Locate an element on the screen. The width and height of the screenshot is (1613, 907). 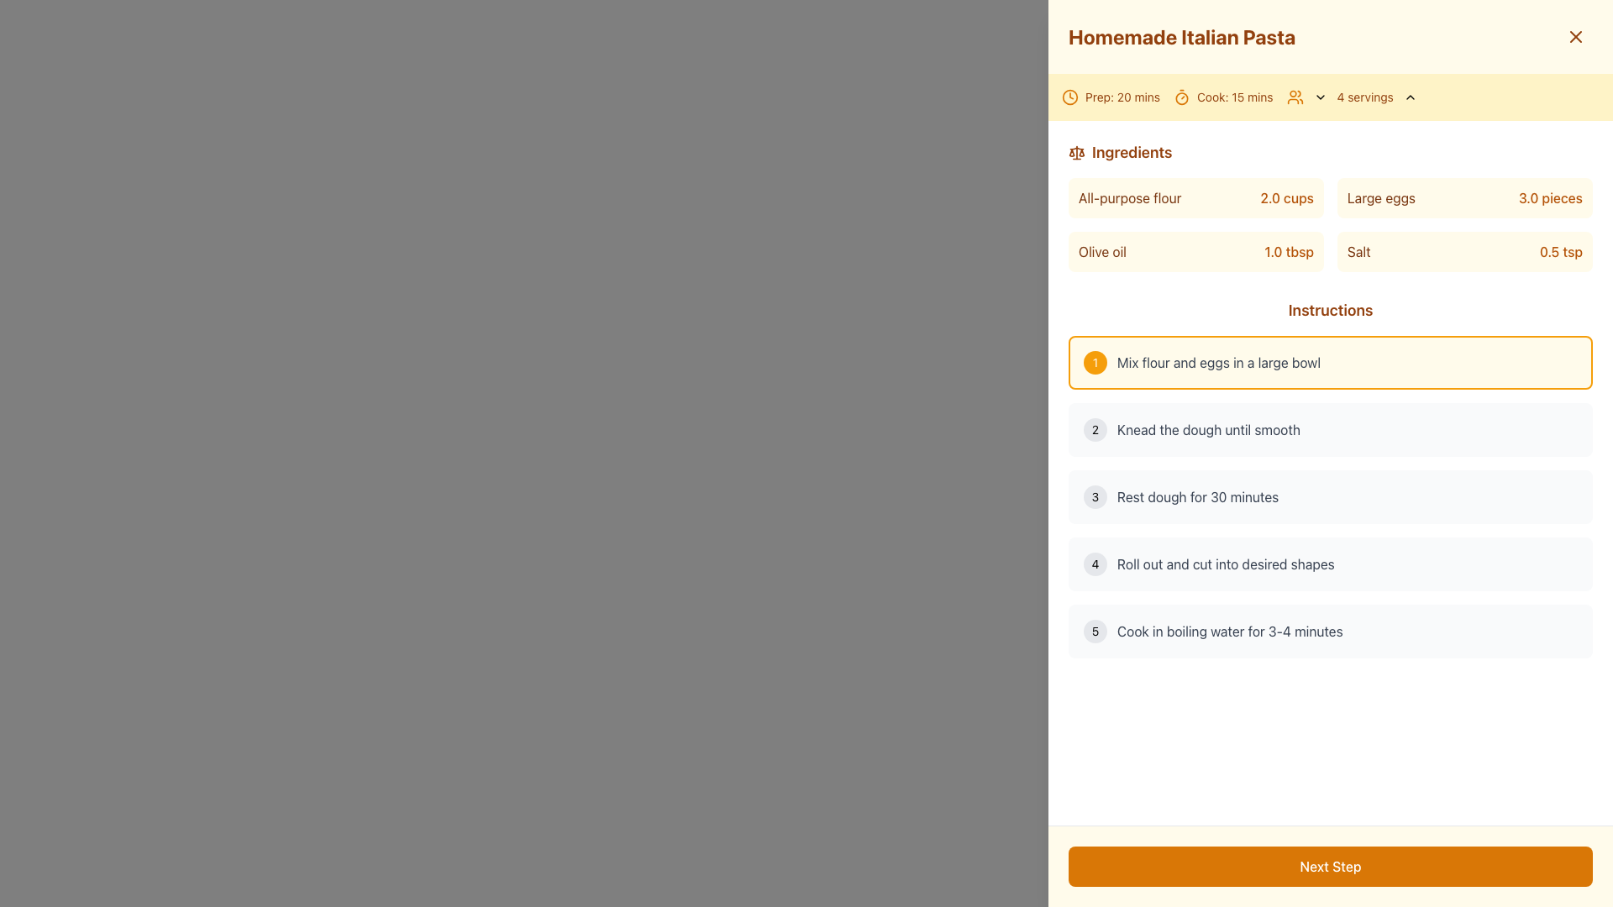
the interactive text displaying the number of servings for the recipe, located below the title 'Homemade Italian Pasta' and to the right of 'Cook: 15 mins' is located at coordinates (1353, 97).